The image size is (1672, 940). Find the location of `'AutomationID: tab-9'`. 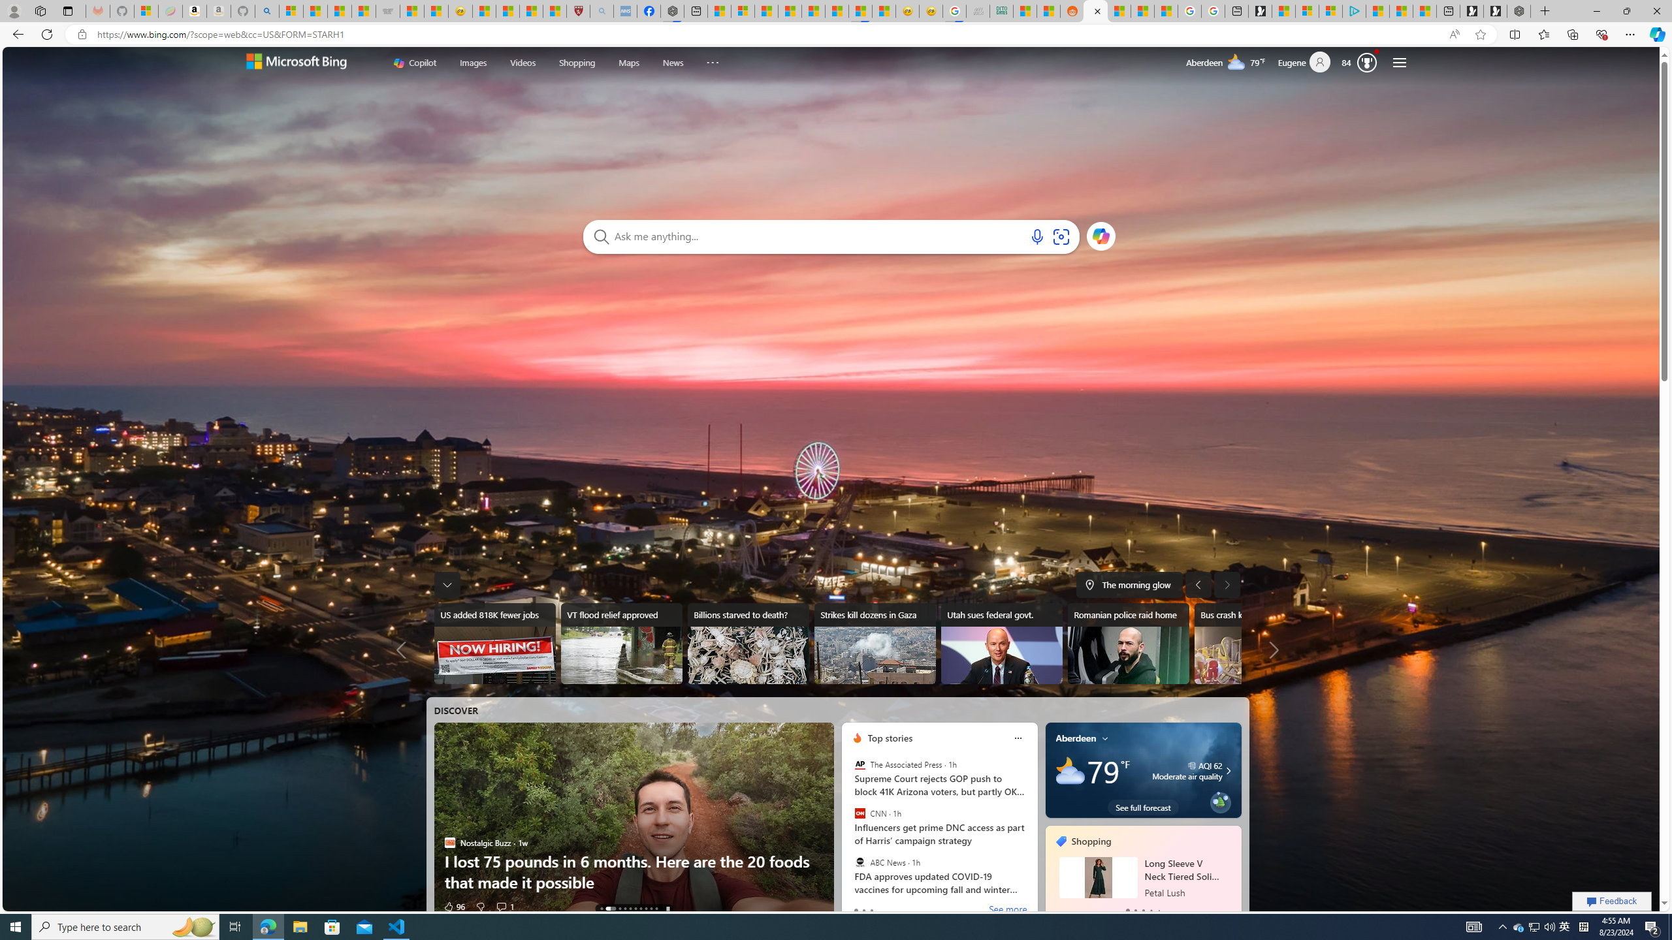

'AutomationID: tab-9' is located at coordinates (655, 908).